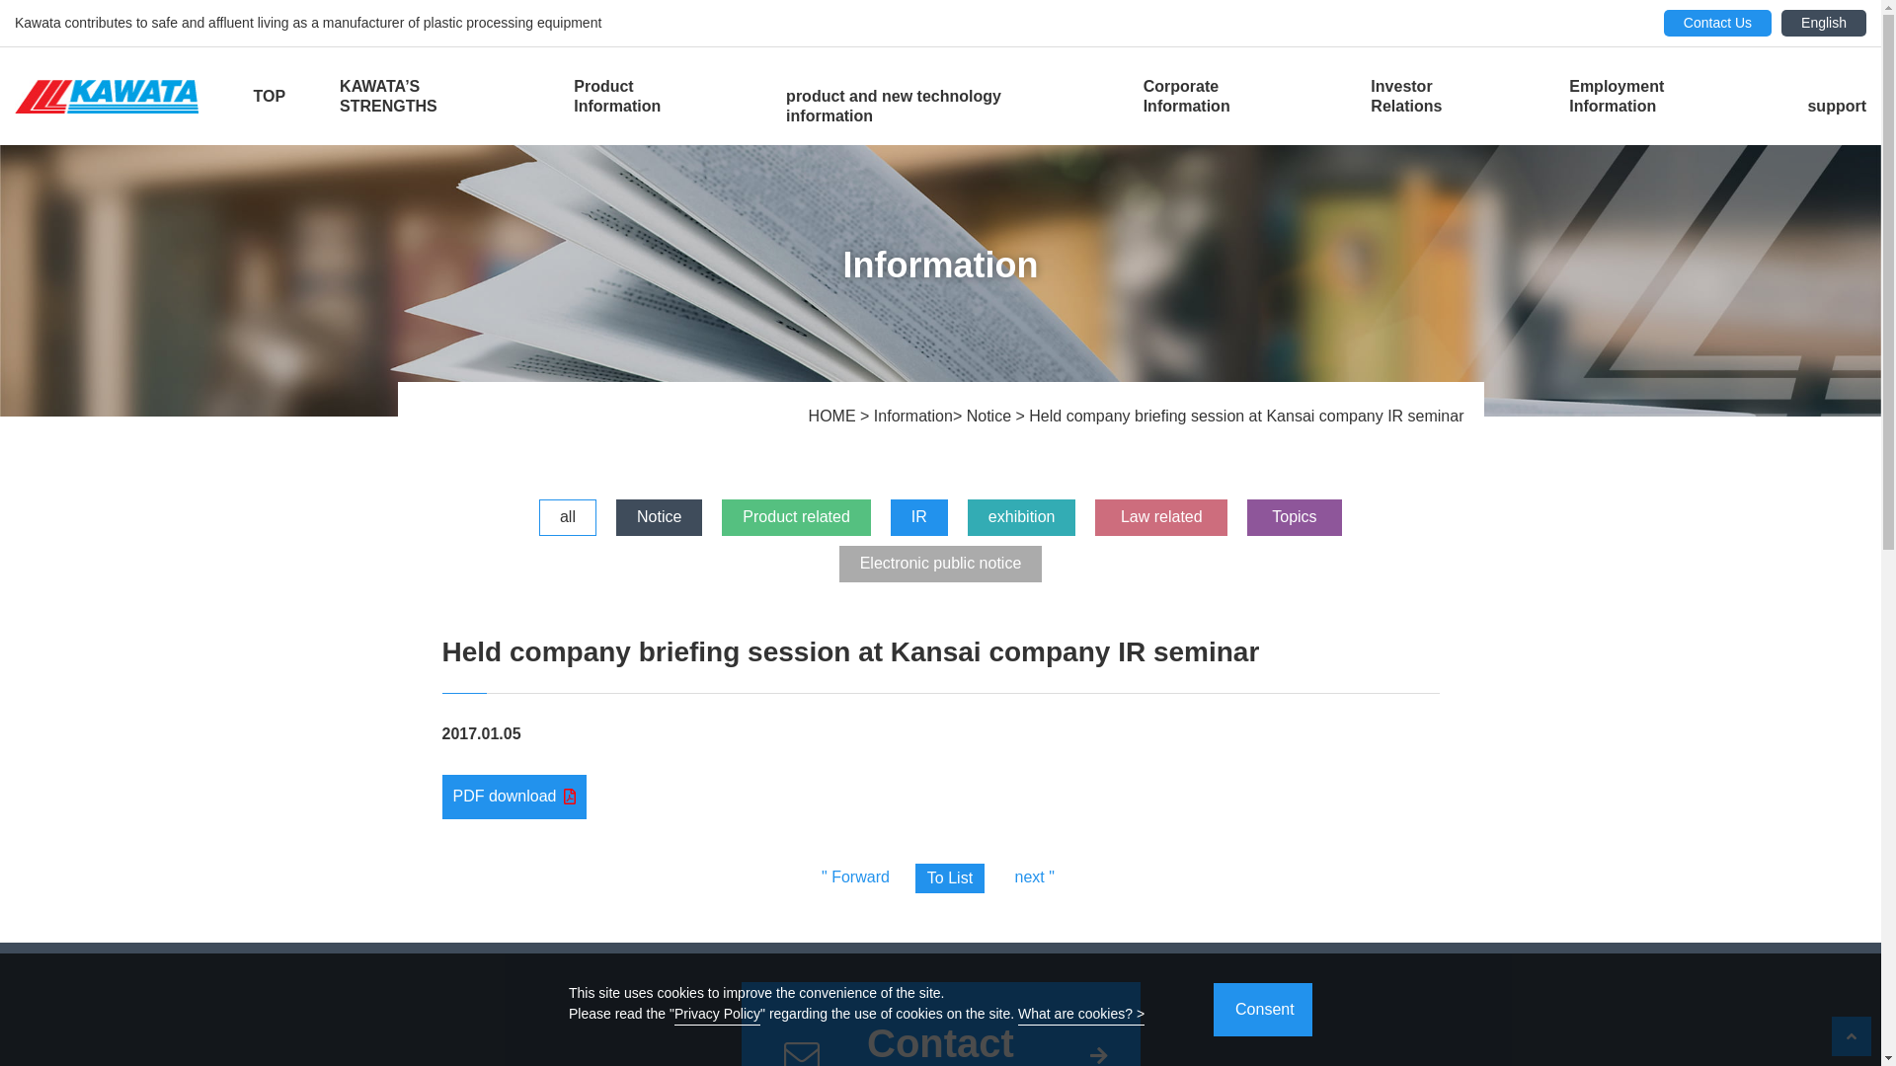 This screenshot has width=1896, height=1066. Describe the element at coordinates (1836, 107) in the screenshot. I see `'support'` at that location.